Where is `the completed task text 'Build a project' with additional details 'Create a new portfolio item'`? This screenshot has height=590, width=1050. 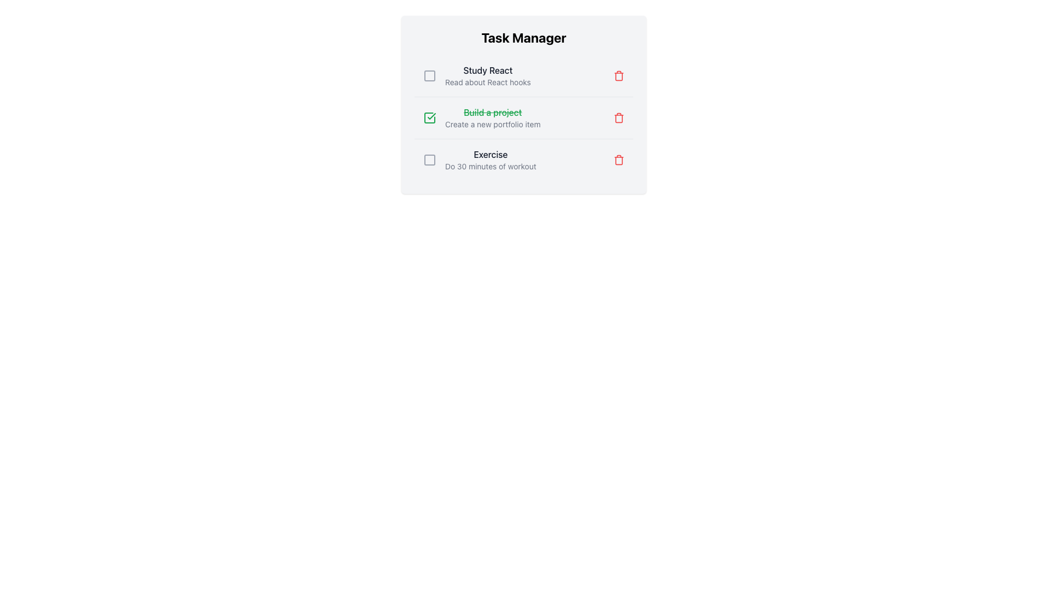
the completed task text 'Build a project' with additional details 'Create a new portfolio item' is located at coordinates (481, 118).